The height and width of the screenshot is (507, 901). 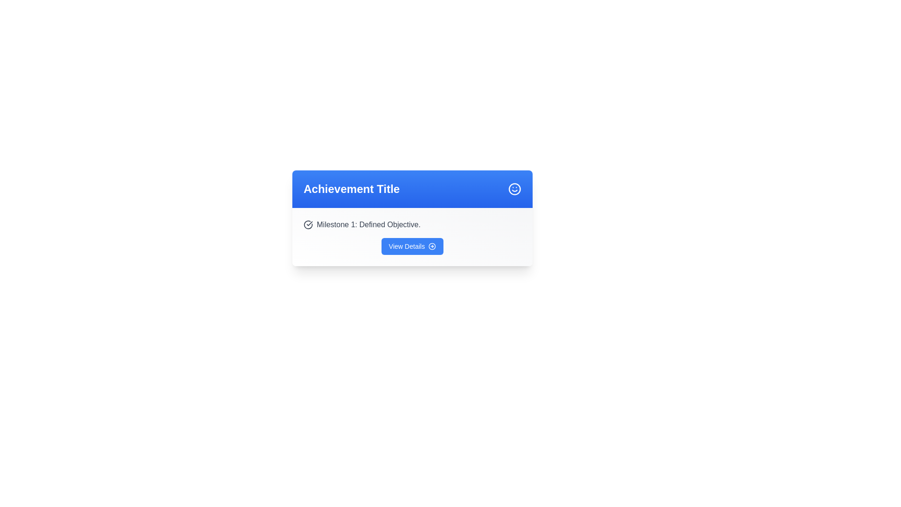 What do you see at coordinates (308, 224) in the screenshot?
I see `the circular checkmark icon located to the left of the text 'Milestone 1: Defined Objective'` at bounding box center [308, 224].